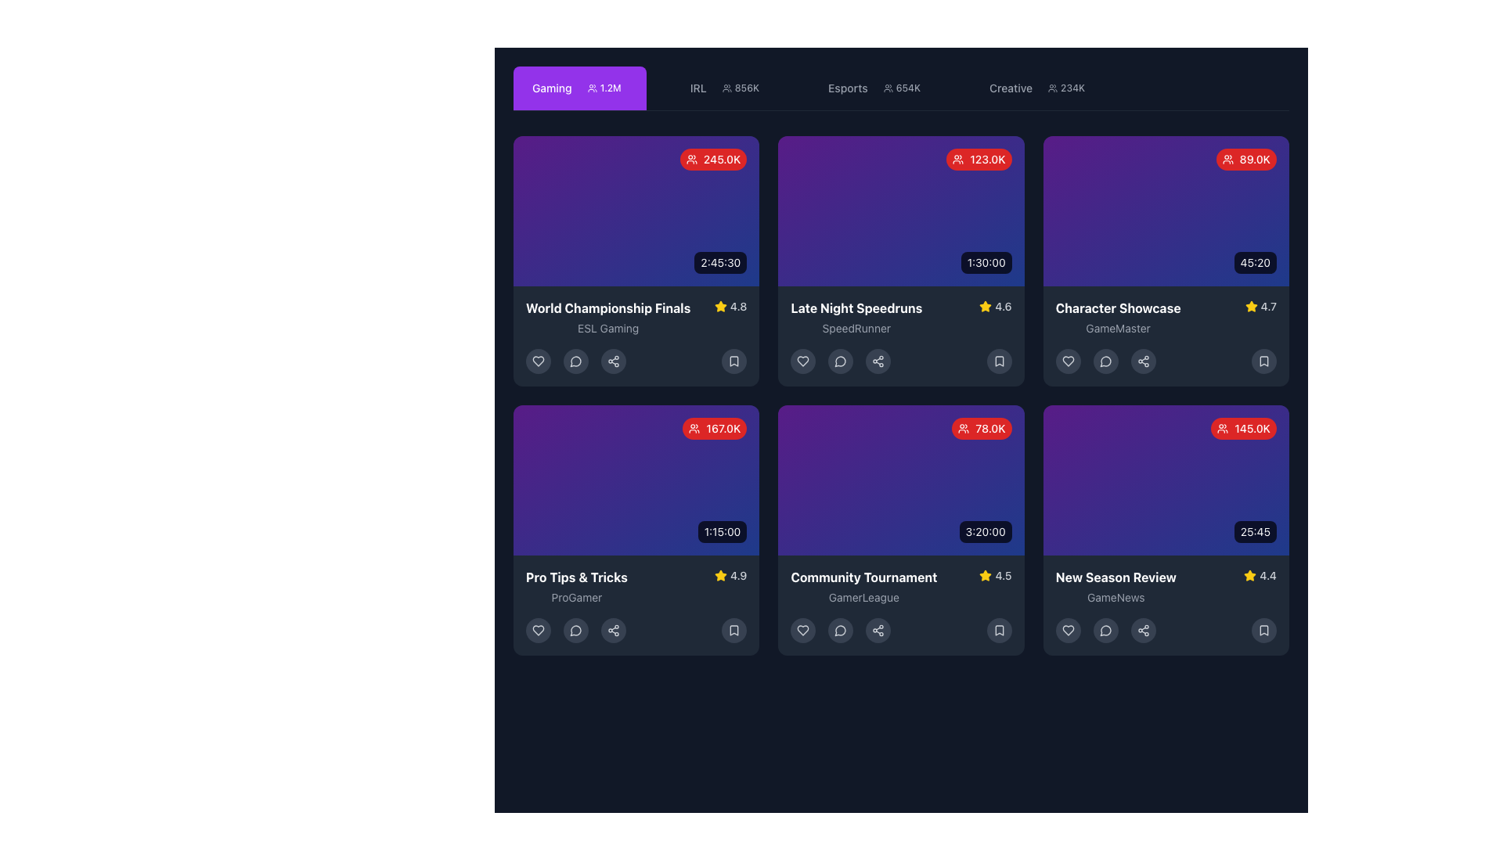  I want to click on the text-based component displaying 'New Season Review' in bold white font and 'GameNews' in smaller gray text, located at the bottom-right corner of the grid layout, so click(1115, 586).